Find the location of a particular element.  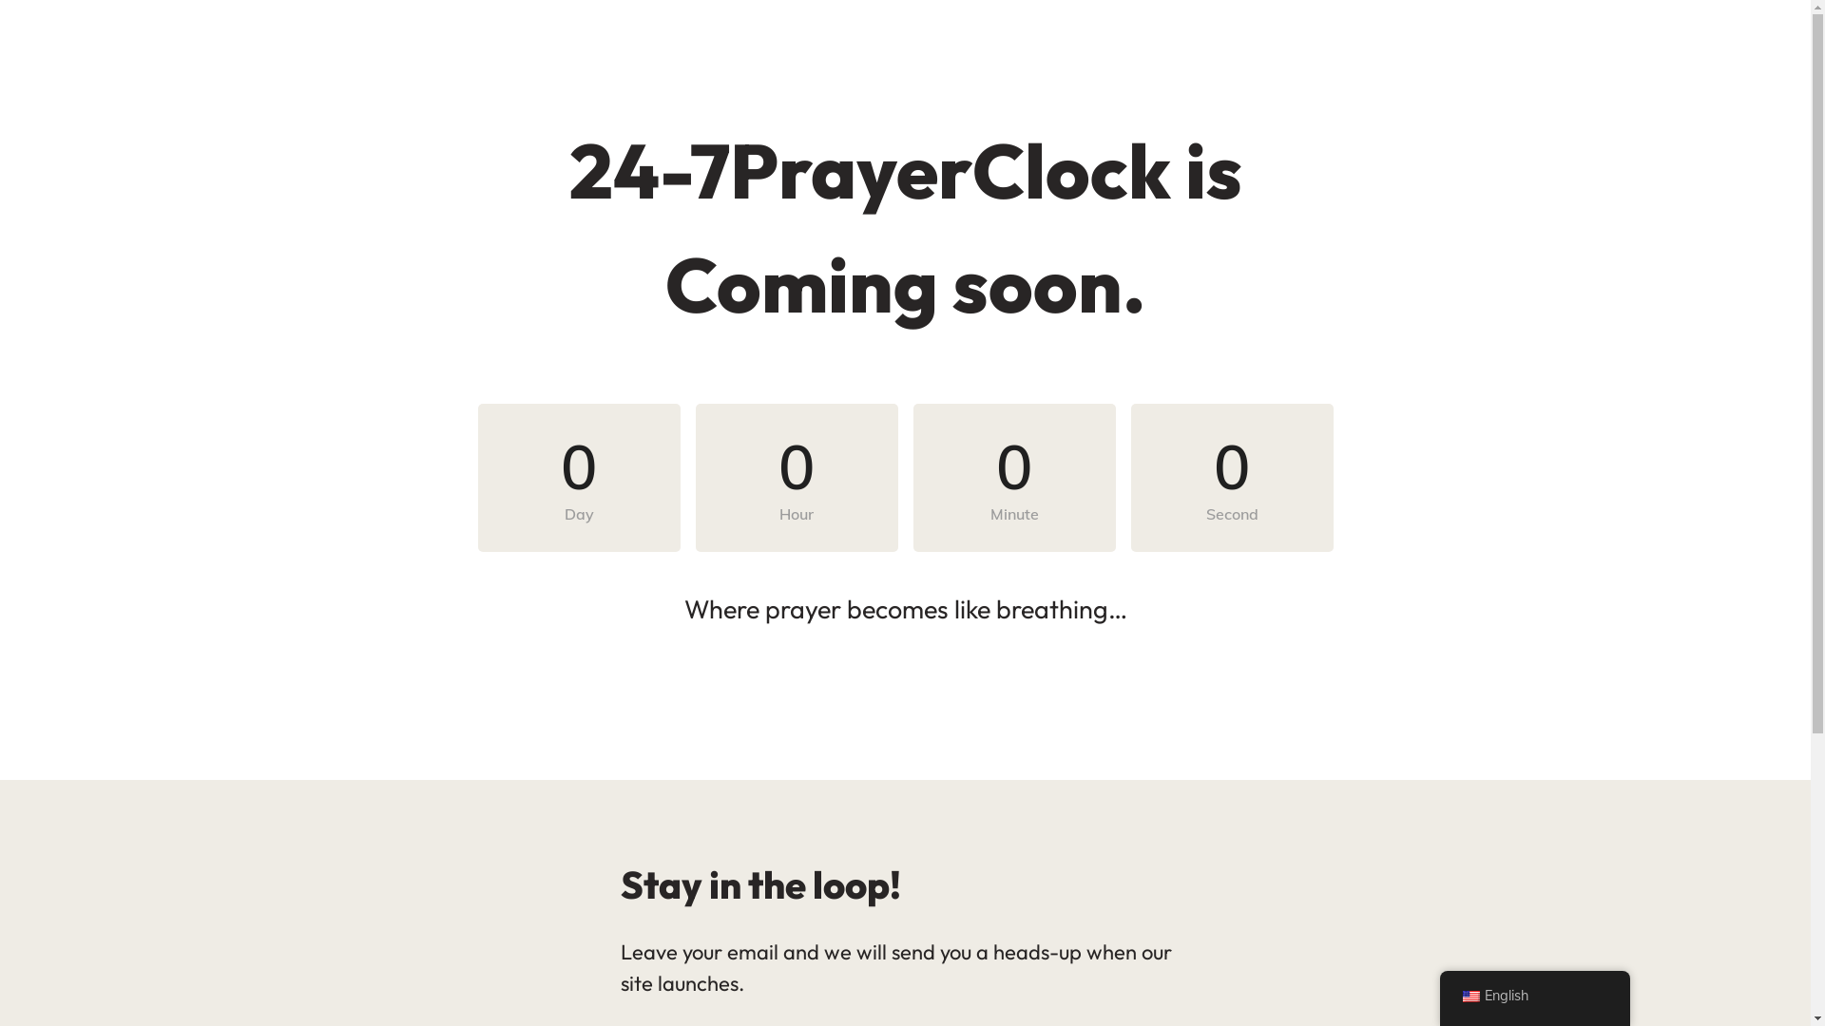

'English' is located at coordinates (1438, 996).